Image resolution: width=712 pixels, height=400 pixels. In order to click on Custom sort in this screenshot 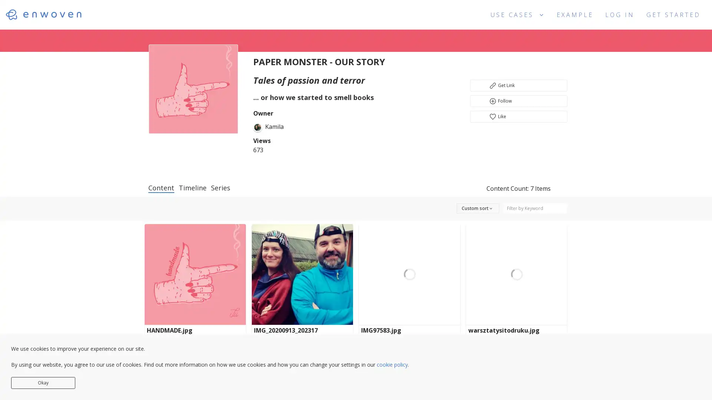, I will do `click(469, 208)`.